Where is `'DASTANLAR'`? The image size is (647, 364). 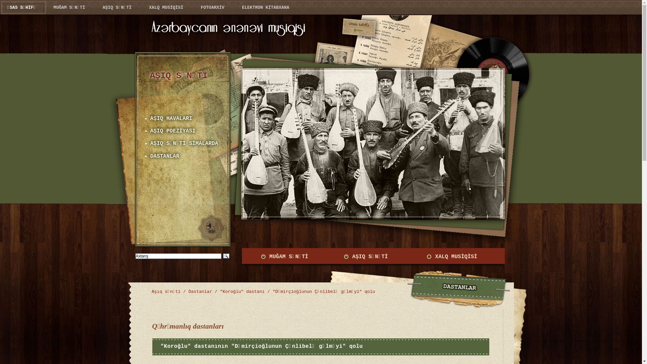
'DASTANLAR' is located at coordinates (165, 156).